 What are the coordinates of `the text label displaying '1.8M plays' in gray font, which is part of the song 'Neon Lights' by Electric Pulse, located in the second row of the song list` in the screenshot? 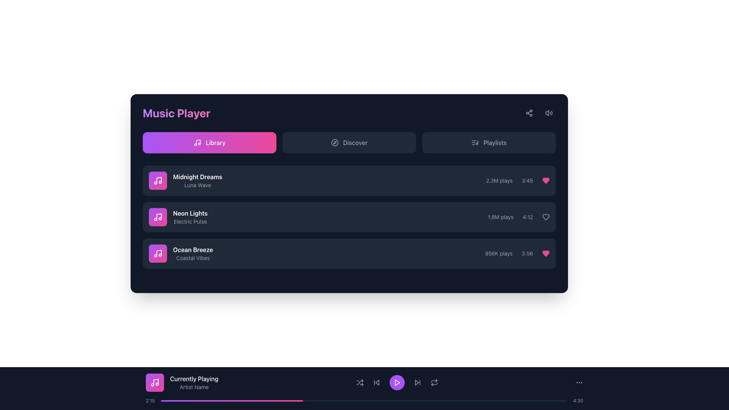 It's located at (500, 217).